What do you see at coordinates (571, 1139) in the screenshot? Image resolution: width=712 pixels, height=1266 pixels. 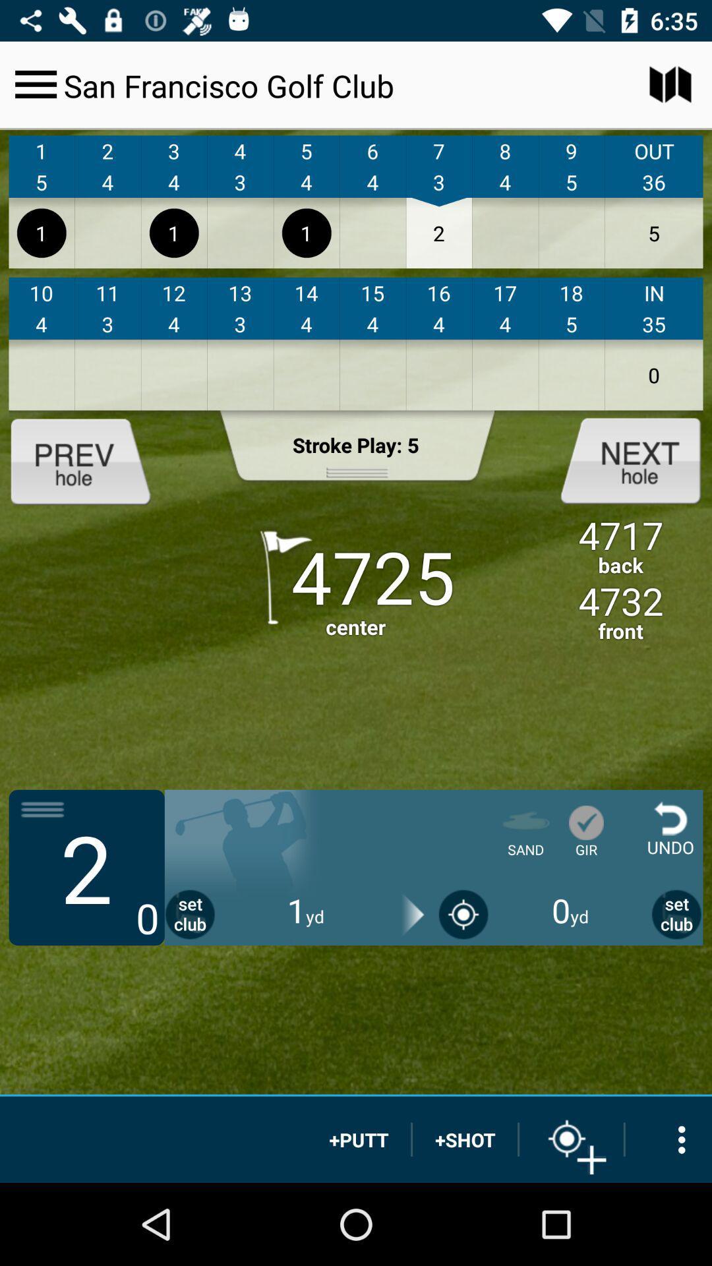 I see `the location_crosshair icon` at bounding box center [571, 1139].